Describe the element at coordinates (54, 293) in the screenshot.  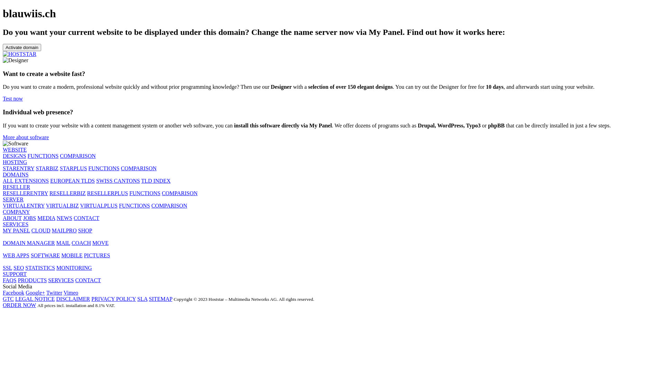
I see `'Twitter'` at that location.